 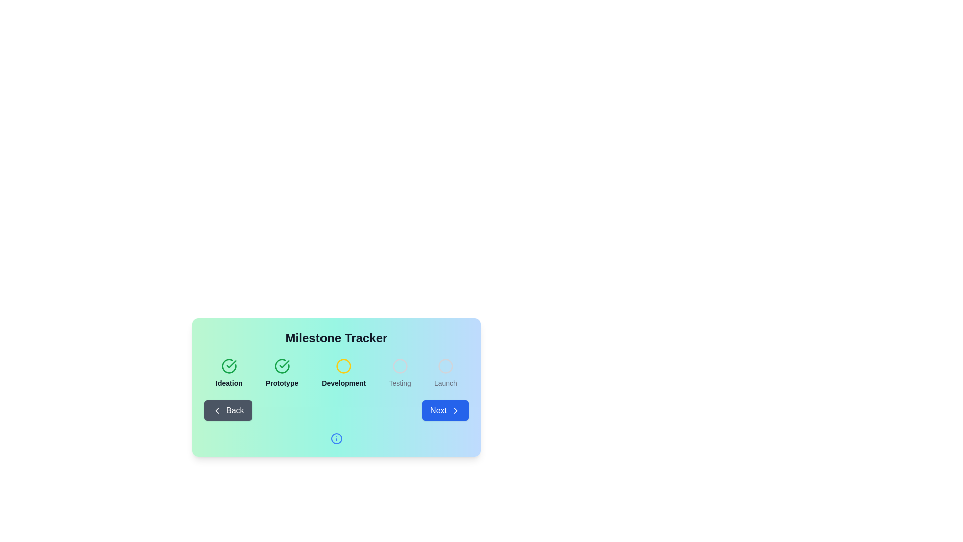 What do you see at coordinates (228, 383) in the screenshot?
I see `the 'Ideation' phase text label in the milestone tracker, which is positioned below the green check mark icon` at bounding box center [228, 383].